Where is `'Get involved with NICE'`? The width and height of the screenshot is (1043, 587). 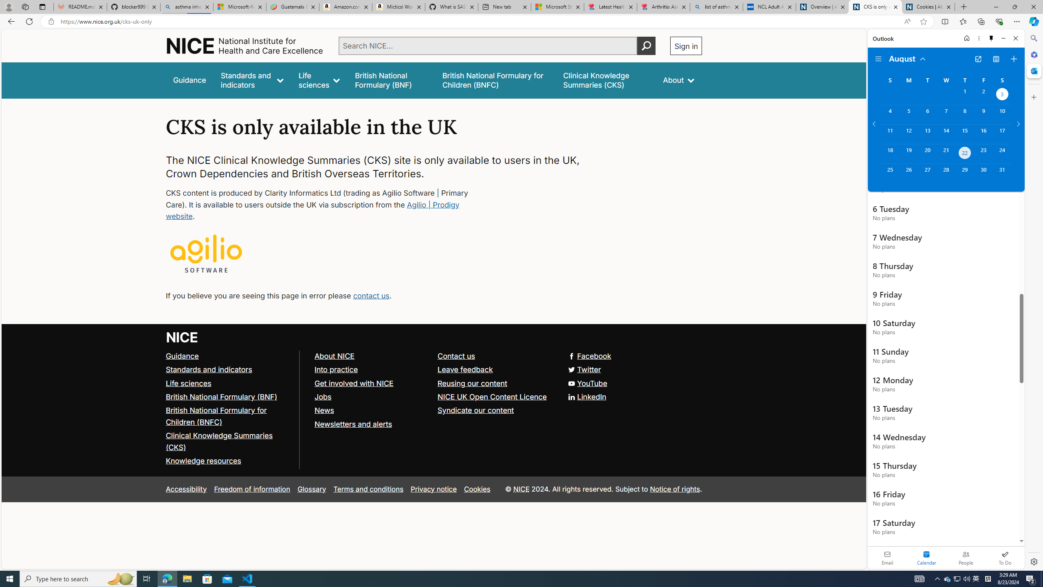
'Get involved with NICE' is located at coordinates (353, 382).